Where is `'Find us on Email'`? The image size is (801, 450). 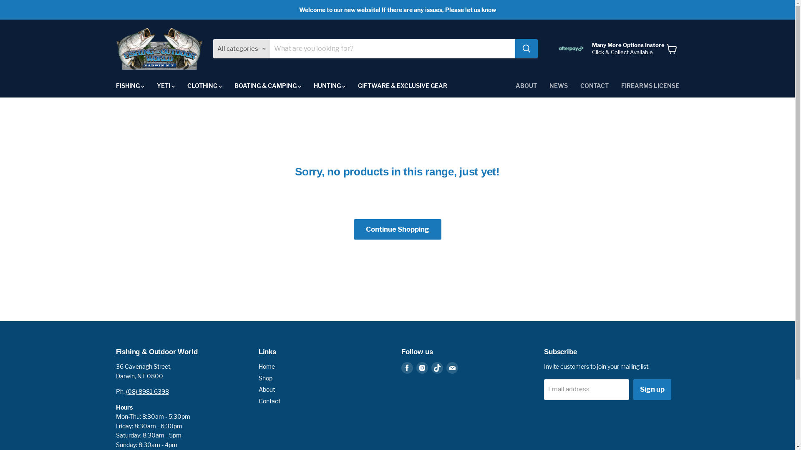
'Find us on Email' is located at coordinates (452, 367).